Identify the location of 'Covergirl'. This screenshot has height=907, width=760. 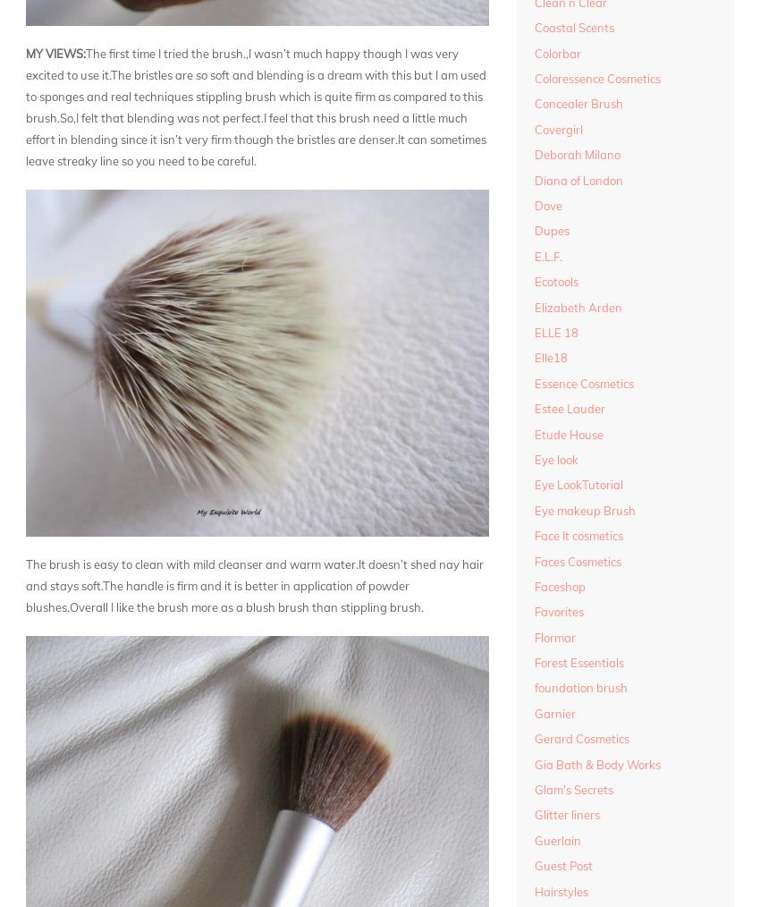
(533, 128).